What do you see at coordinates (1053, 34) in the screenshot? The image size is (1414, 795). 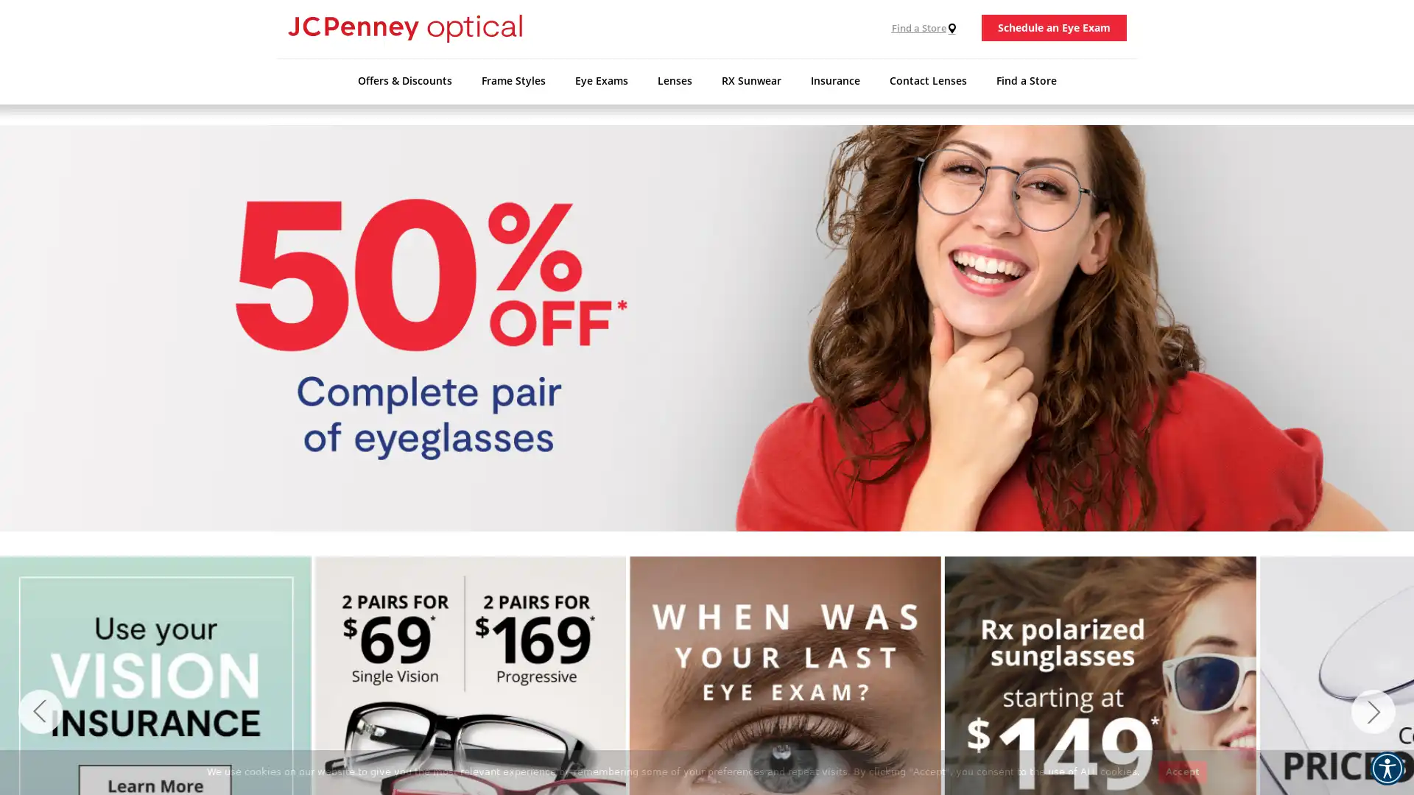 I see `Schedule an Eye Exam` at bounding box center [1053, 34].